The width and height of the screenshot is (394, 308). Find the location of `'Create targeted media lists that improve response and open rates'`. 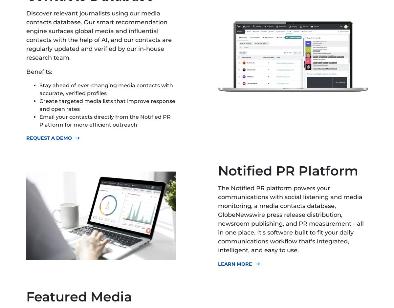

'Create targeted media lists that improve response and open rates' is located at coordinates (107, 105).